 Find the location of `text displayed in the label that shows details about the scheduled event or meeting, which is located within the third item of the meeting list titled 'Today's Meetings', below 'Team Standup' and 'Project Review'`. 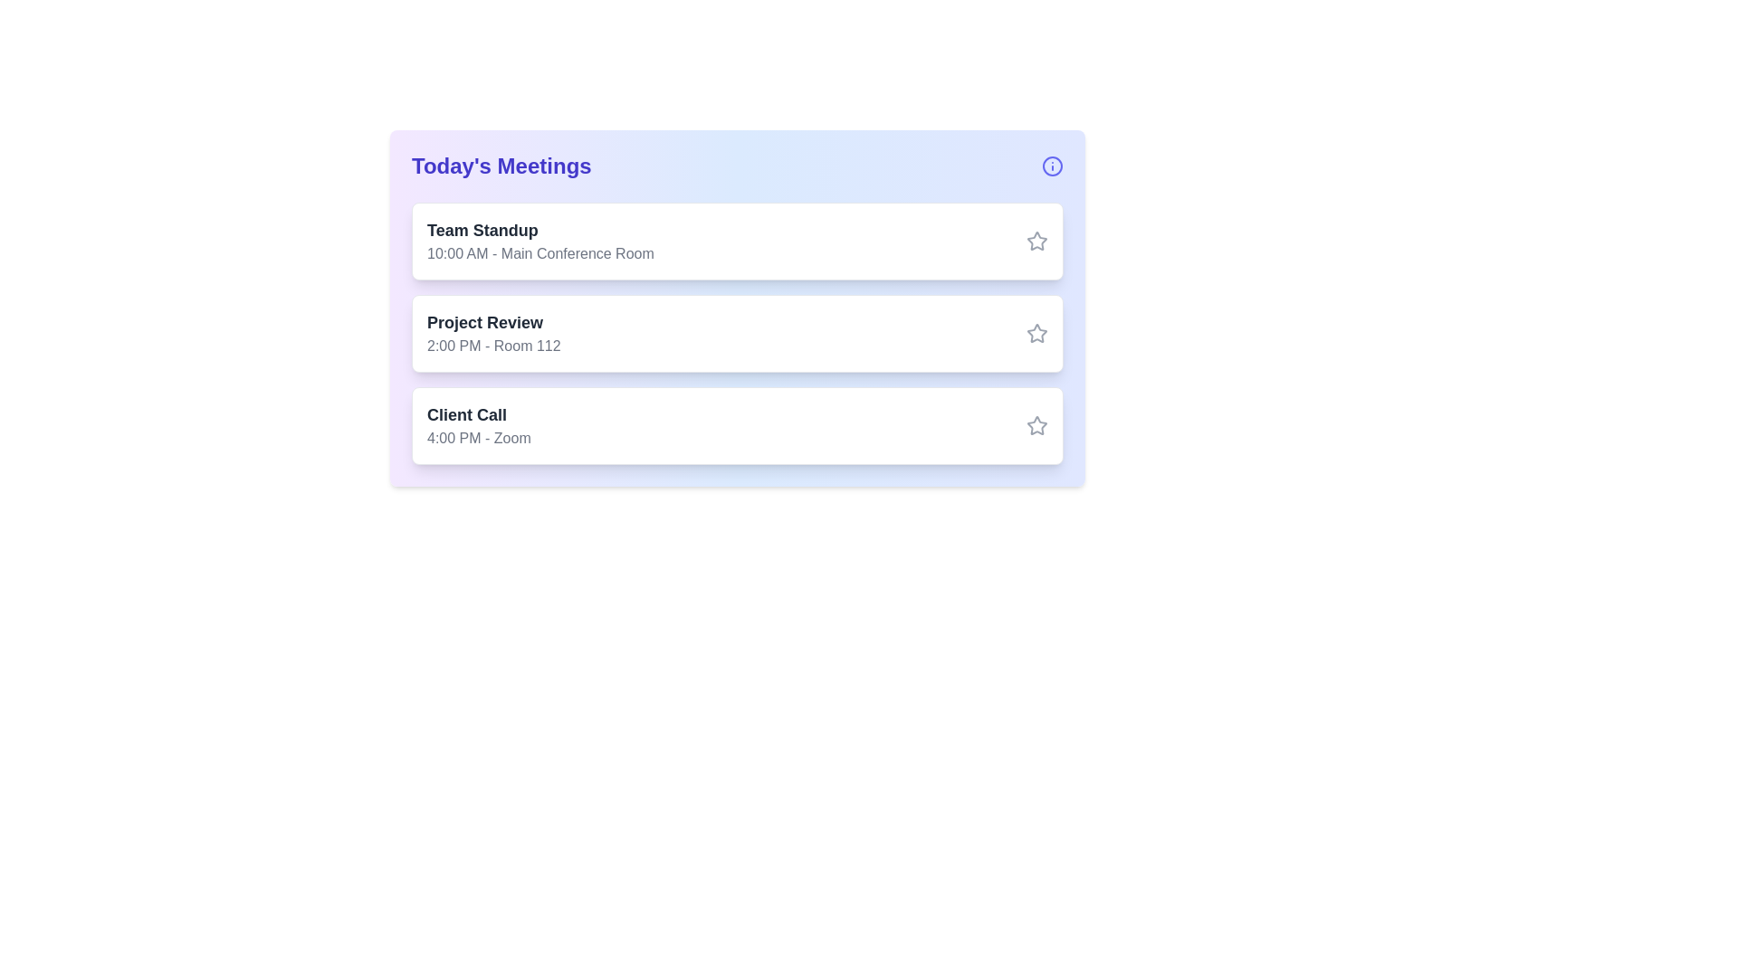

text displayed in the label that shows details about the scheduled event or meeting, which is located within the third item of the meeting list titled 'Today's Meetings', below 'Team Standup' and 'Project Review' is located at coordinates (479, 425).